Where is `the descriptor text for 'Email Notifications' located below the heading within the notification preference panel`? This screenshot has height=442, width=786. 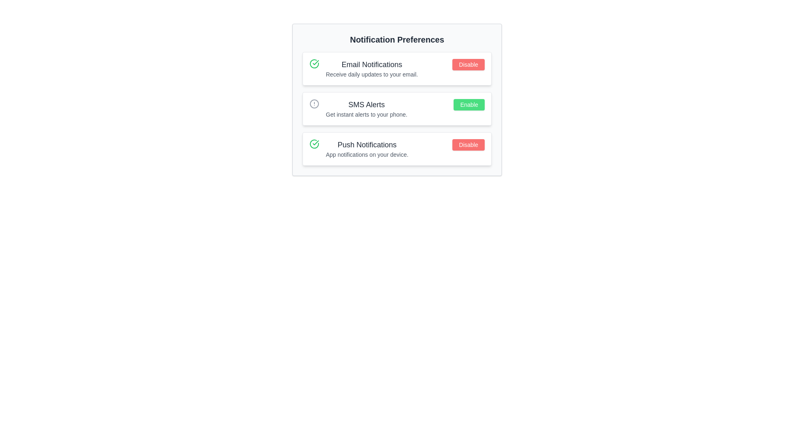
the descriptor text for 'Email Notifications' located below the heading within the notification preference panel is located at coordinates (371, 74).